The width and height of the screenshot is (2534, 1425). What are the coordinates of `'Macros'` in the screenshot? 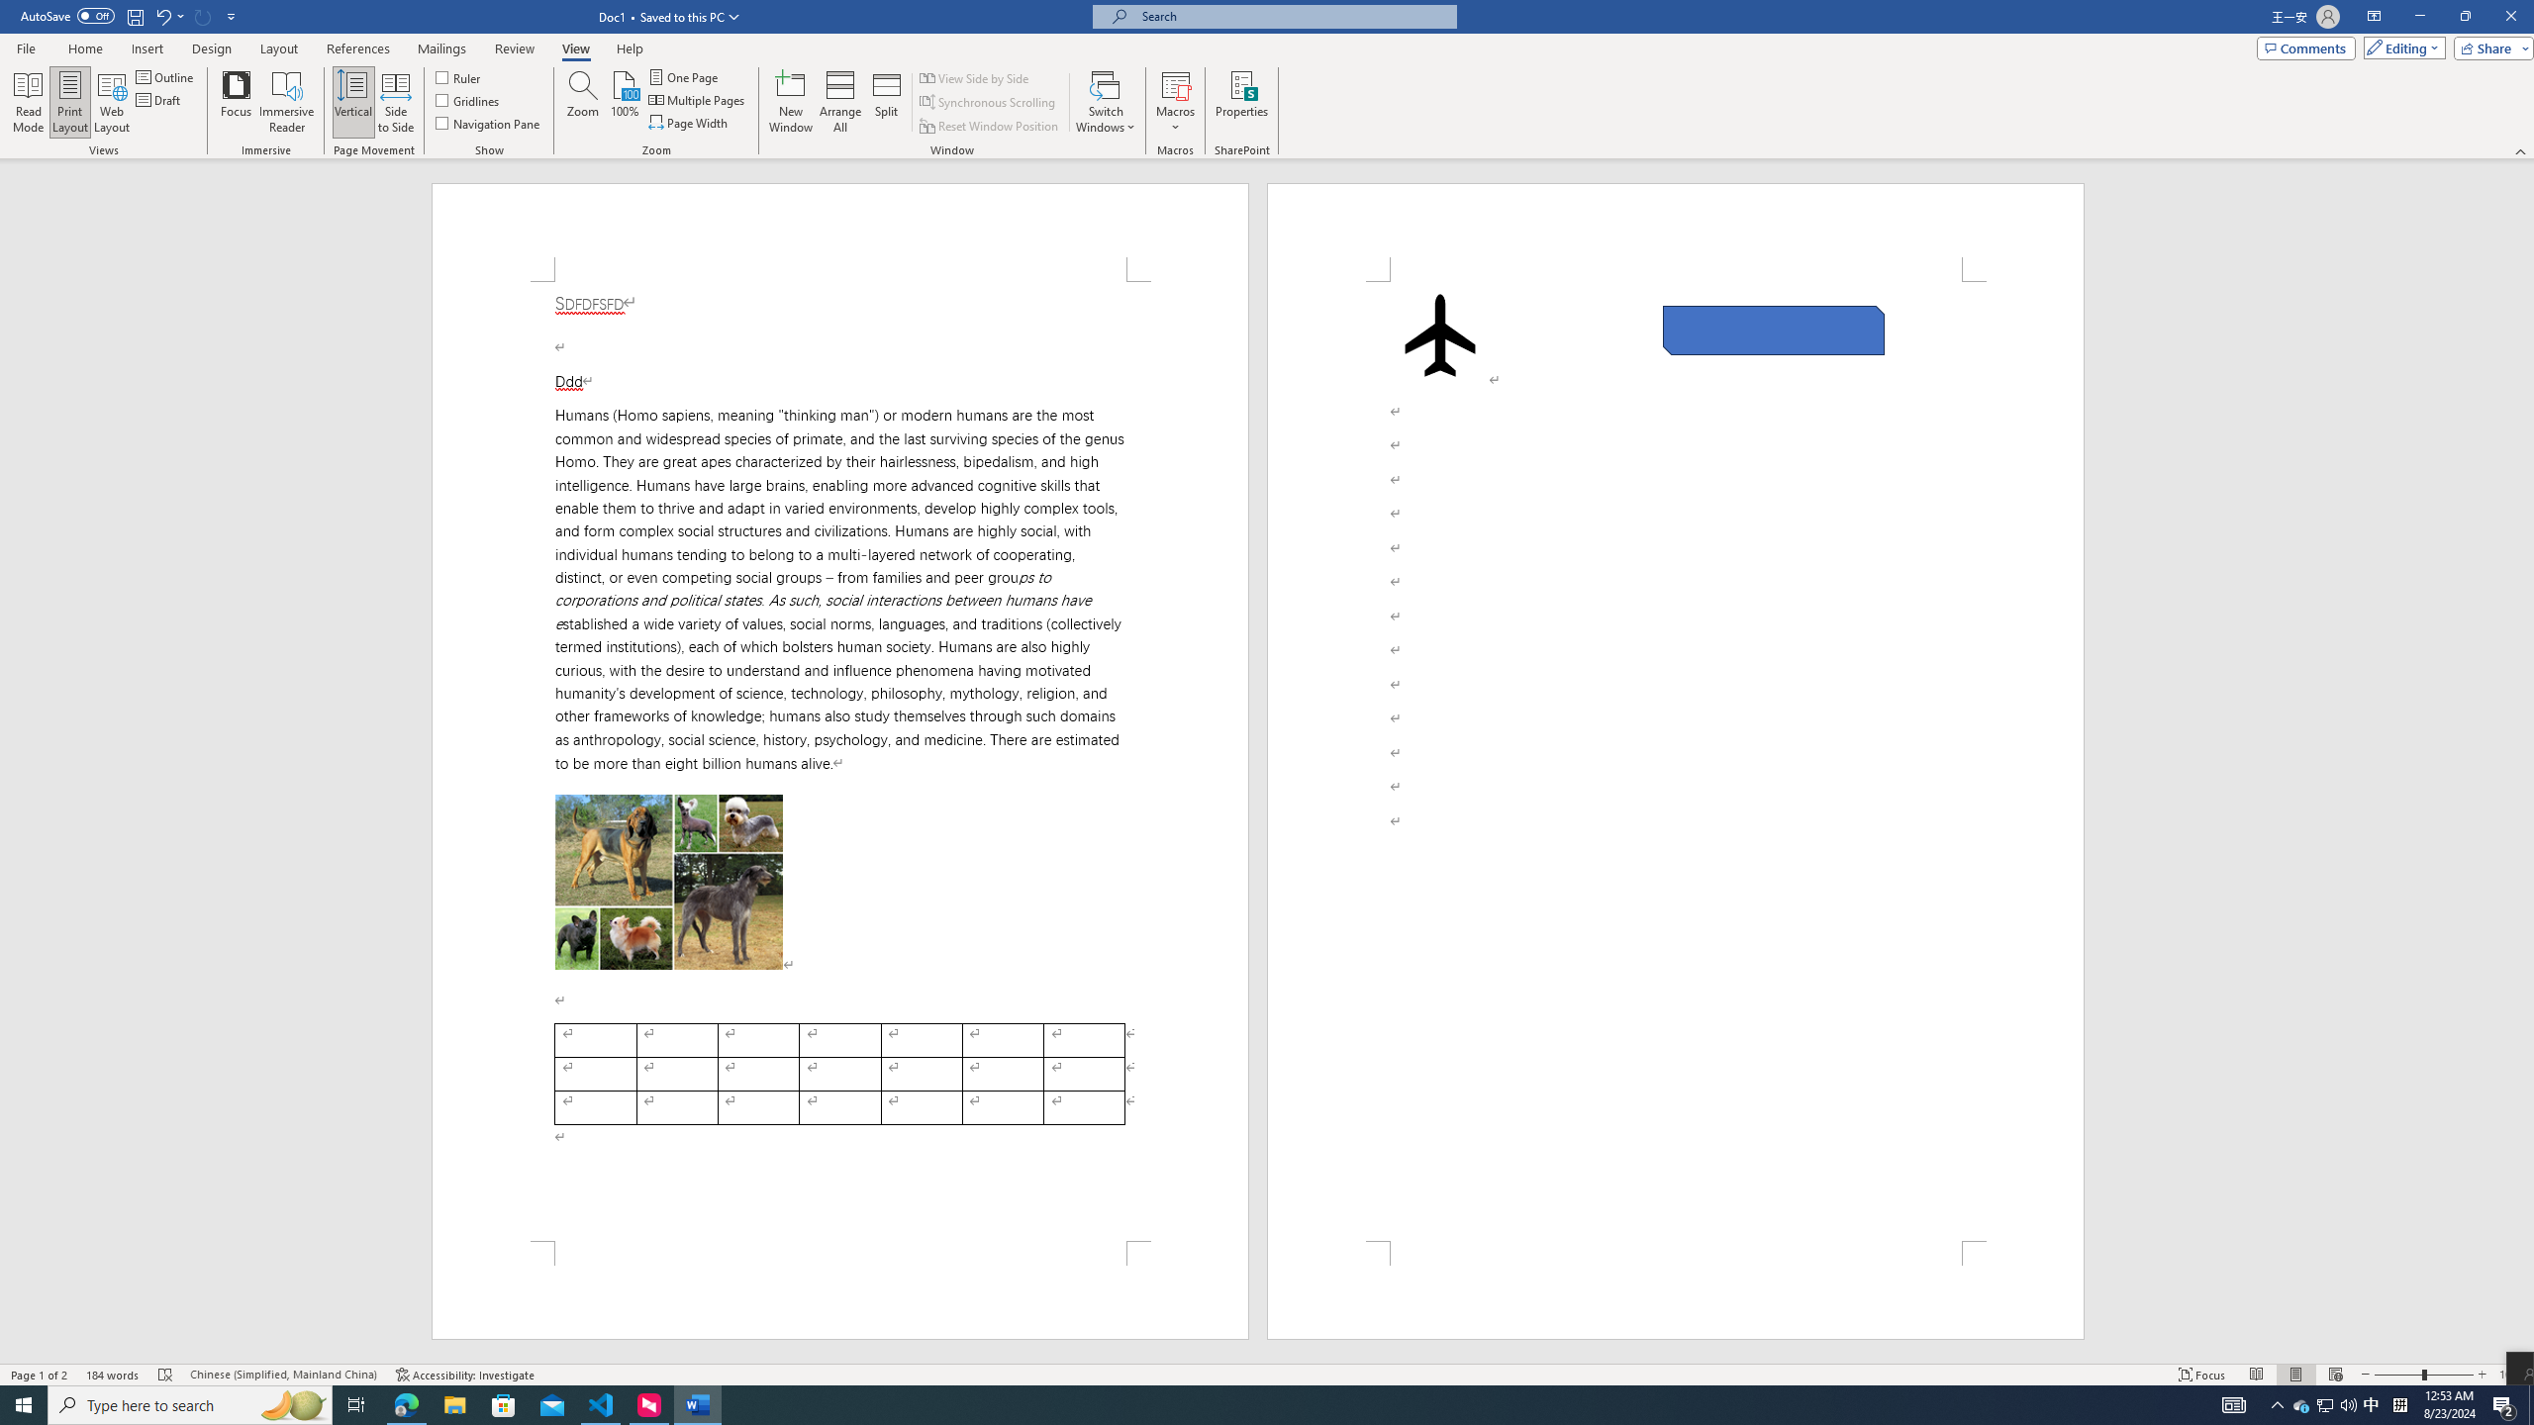 It's located at (1174, 102).